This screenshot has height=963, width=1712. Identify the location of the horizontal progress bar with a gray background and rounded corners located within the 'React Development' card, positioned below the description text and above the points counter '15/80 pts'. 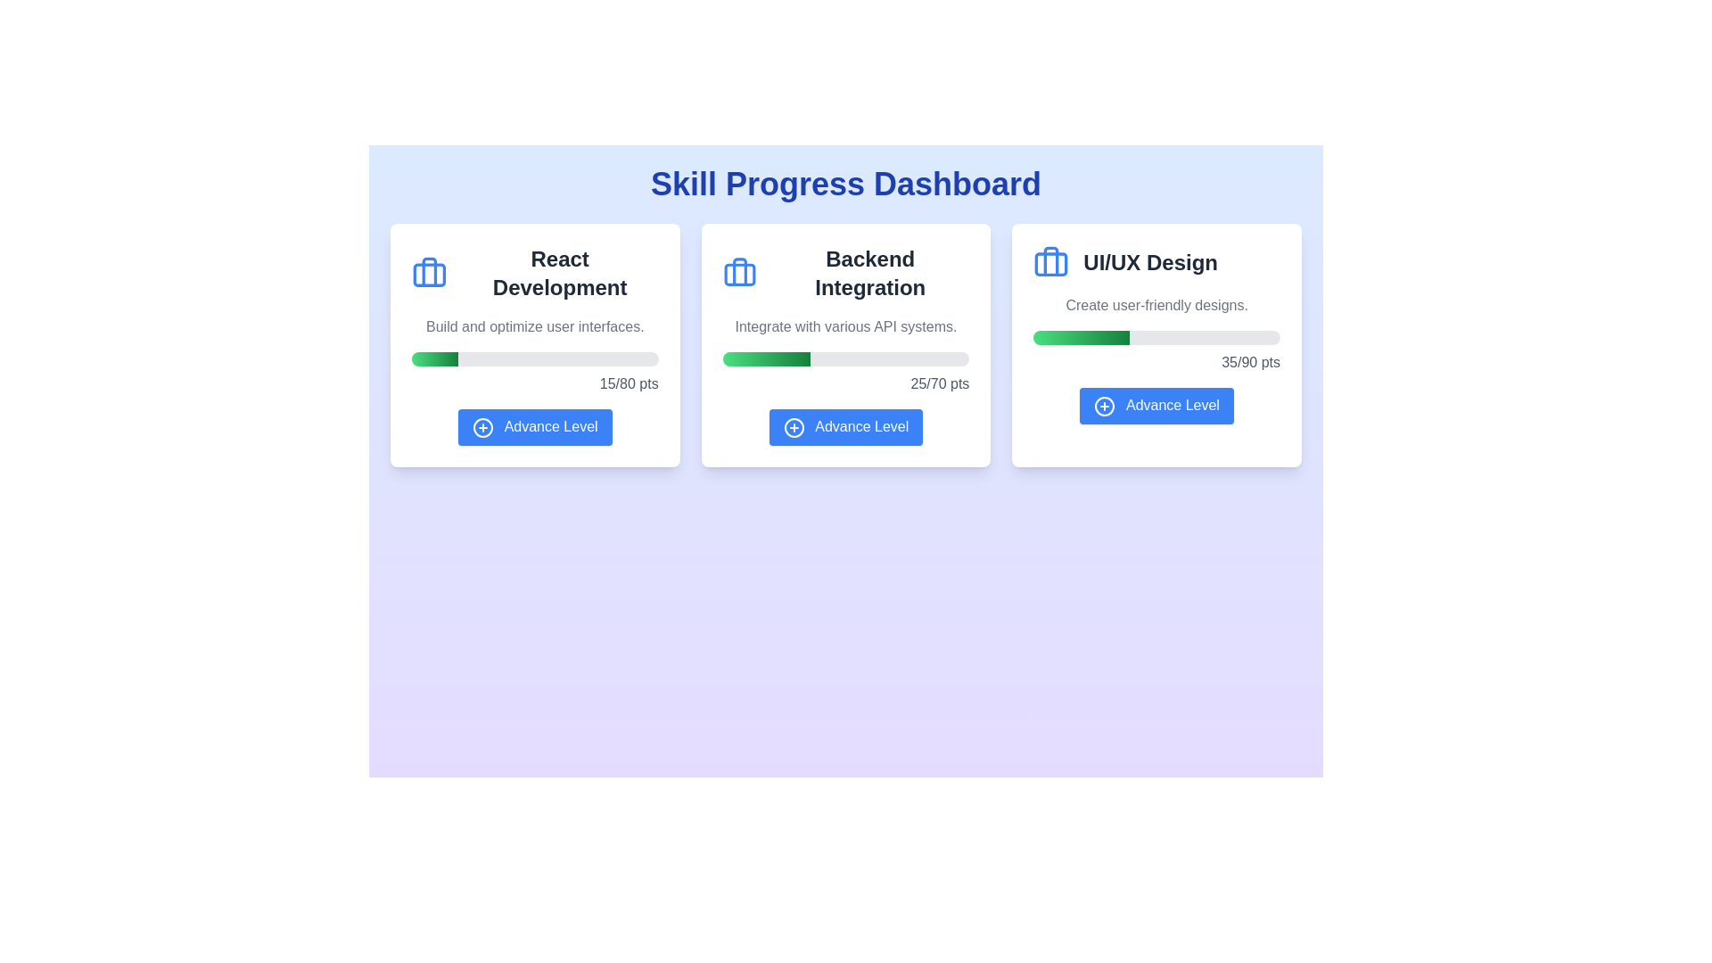
(534, 358).